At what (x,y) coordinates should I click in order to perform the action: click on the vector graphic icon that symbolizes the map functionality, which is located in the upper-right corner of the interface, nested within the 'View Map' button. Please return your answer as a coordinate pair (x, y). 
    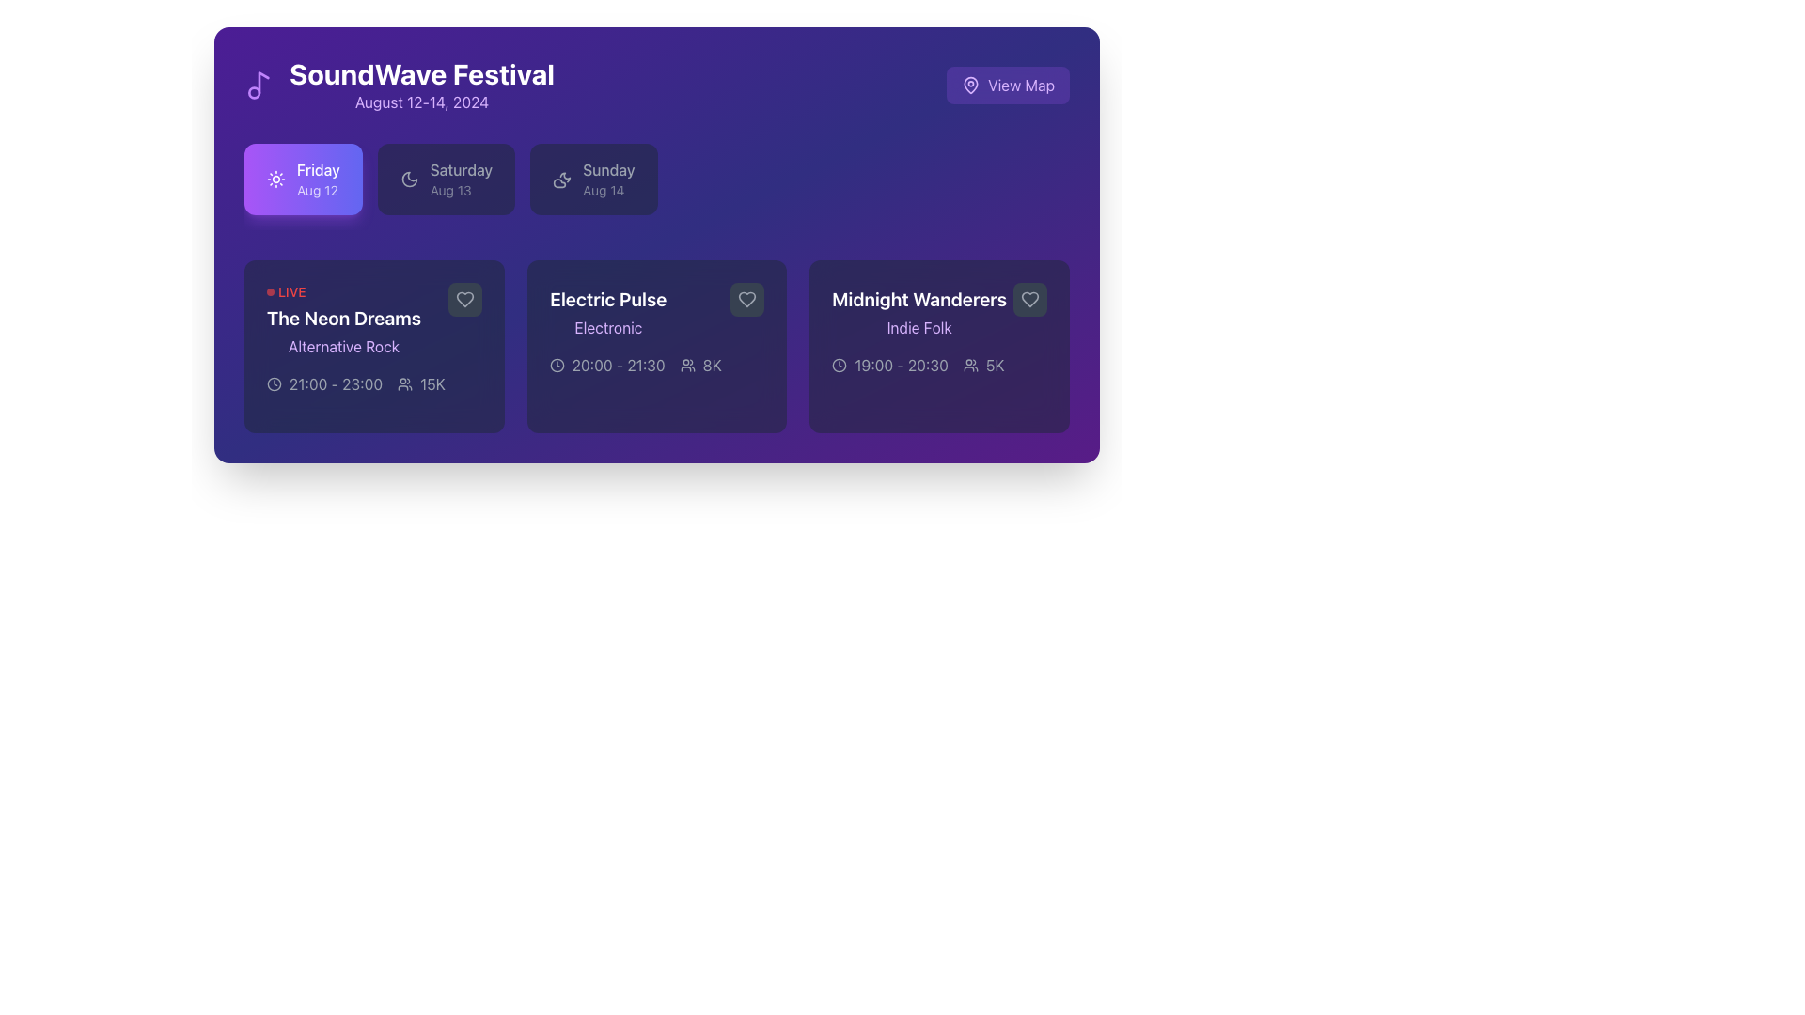
    Looking at the image, I should click on (971, 86).